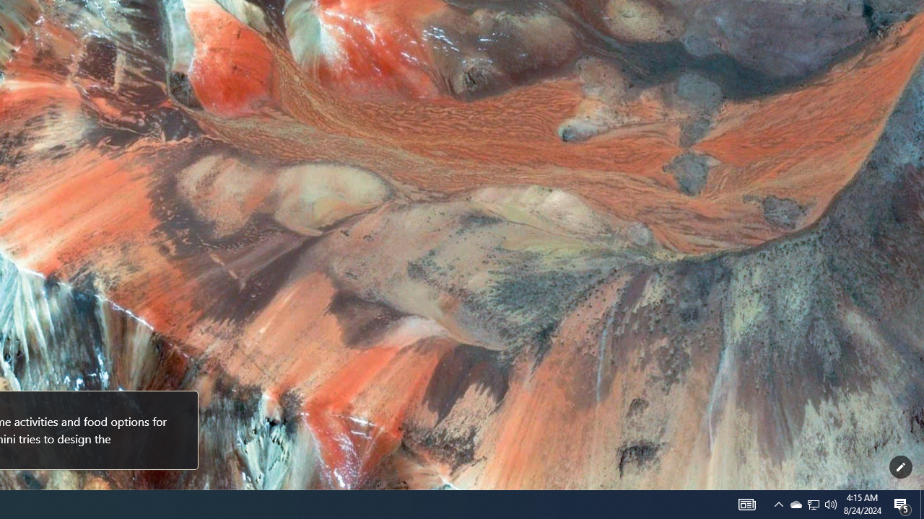  I want to click on 'Customize this page', so click(900, 467).